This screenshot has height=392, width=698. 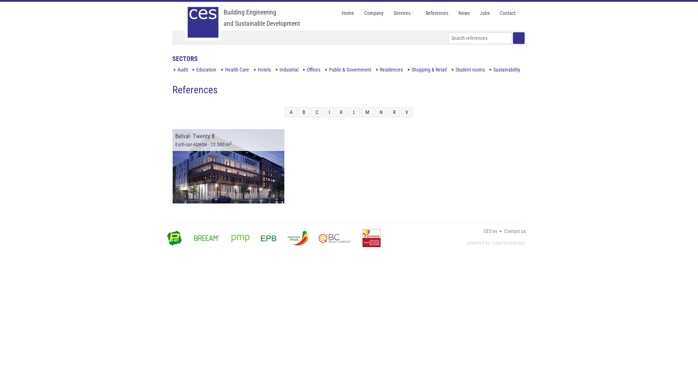 What do you see at coordinates (514, 231) in the screenshot?
I see `'Contact us'` at bounding box center [514, 231].